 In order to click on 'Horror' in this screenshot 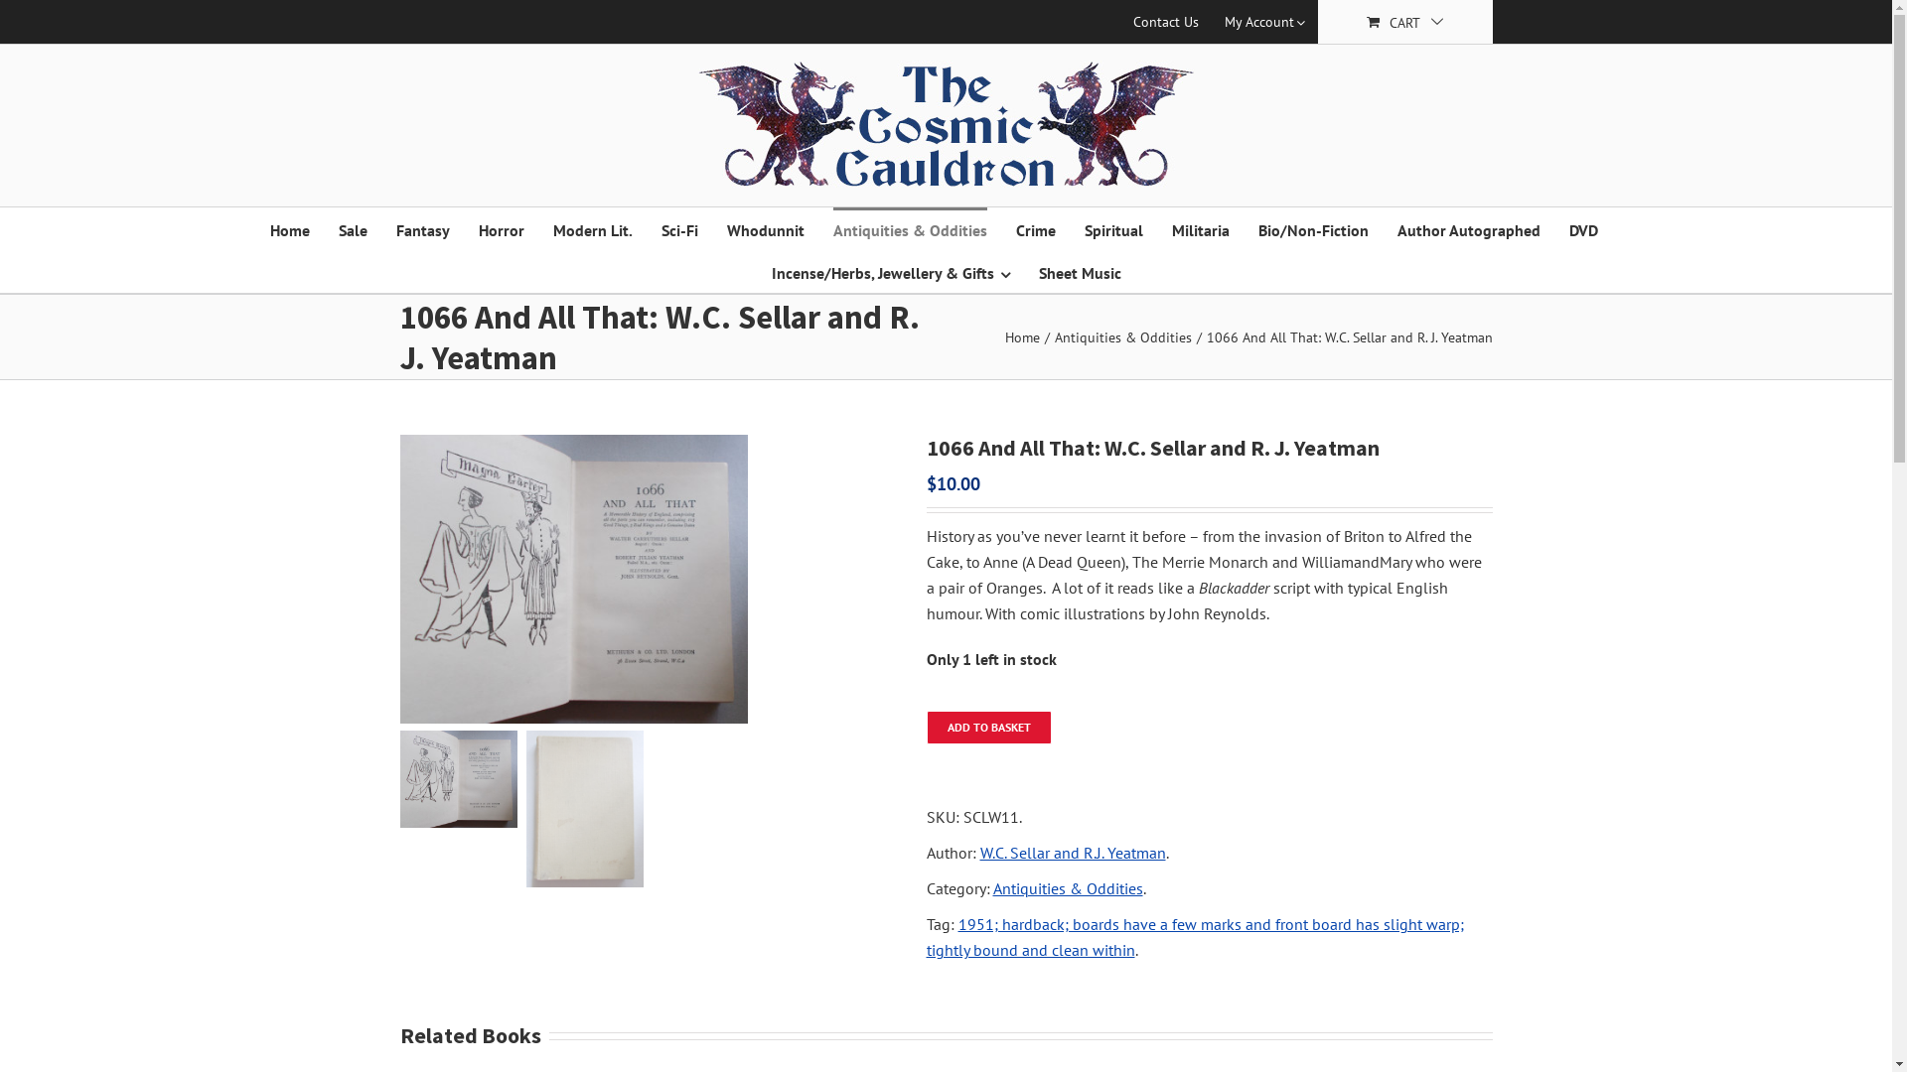, I will do `click(478, 227)`.